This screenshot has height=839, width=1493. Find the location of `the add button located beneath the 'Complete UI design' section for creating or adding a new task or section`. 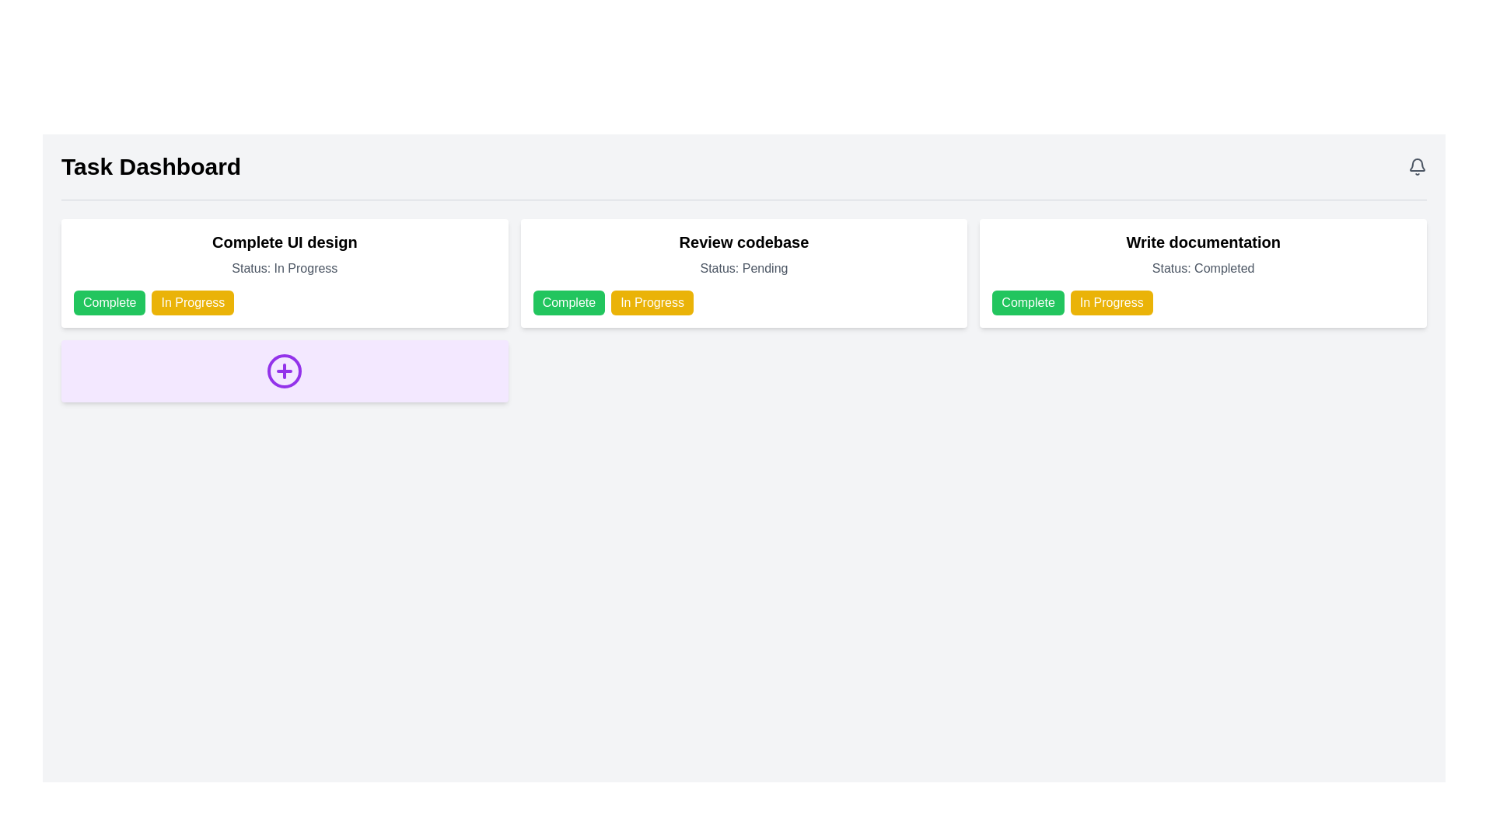

the add button located beneath the 'Complete UI design' section for creating or adding a new task or section is located at coordinates (284, 371).